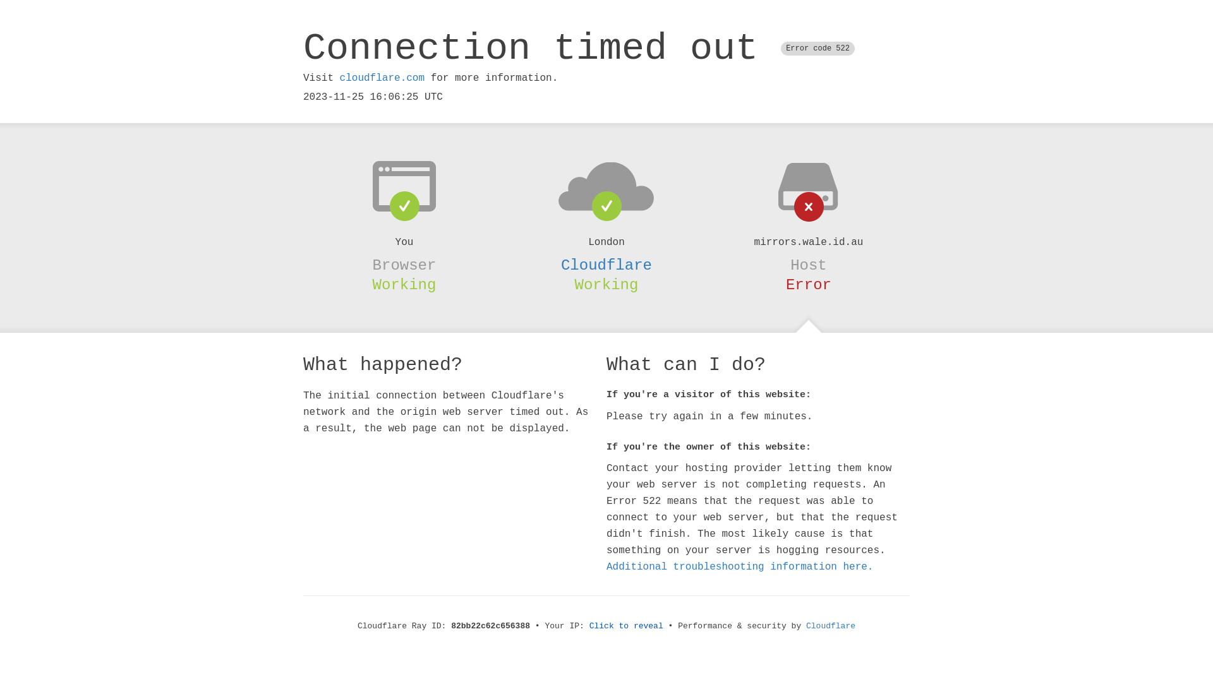 The height and width of the screenshot is (682, 1213). I want to click on 'cloudflare.com', so click(381, 78).